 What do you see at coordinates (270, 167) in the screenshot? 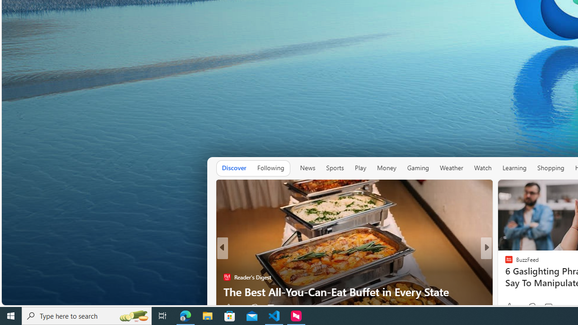
I see `'Following'` at bounding box center [270, 167].